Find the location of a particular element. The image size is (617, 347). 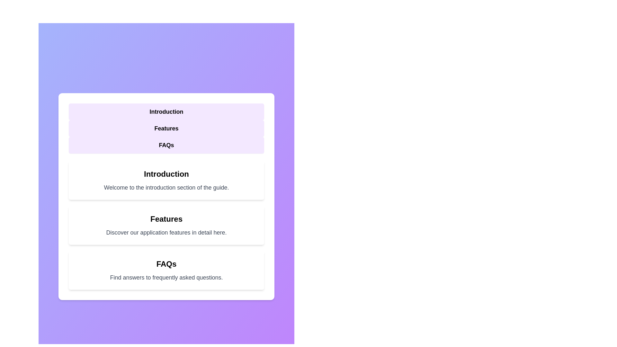

the Informational section titled 'Introduction' which contains a subtitle 'Welcome to the introduction section of the guide.' is located at coordinates (166, 181).